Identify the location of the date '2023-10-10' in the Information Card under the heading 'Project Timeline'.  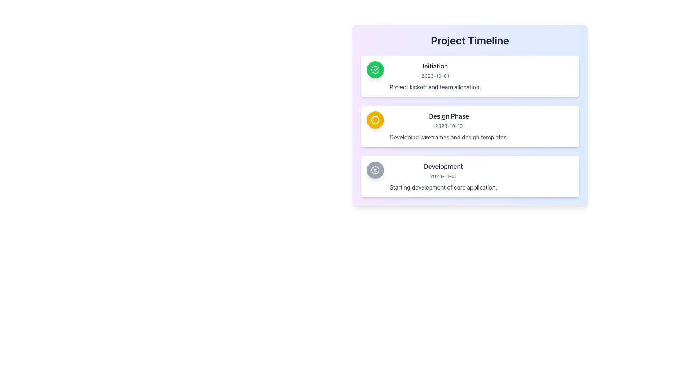
(449, 126).